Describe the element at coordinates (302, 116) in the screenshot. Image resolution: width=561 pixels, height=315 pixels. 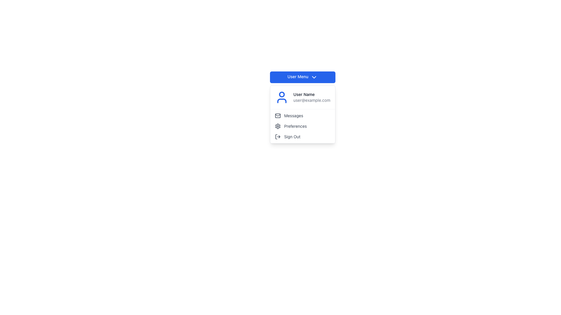
I see `the 'Messages' hyperlink with icon located in the dropdown menu below the 'User Menu' button` at that location.